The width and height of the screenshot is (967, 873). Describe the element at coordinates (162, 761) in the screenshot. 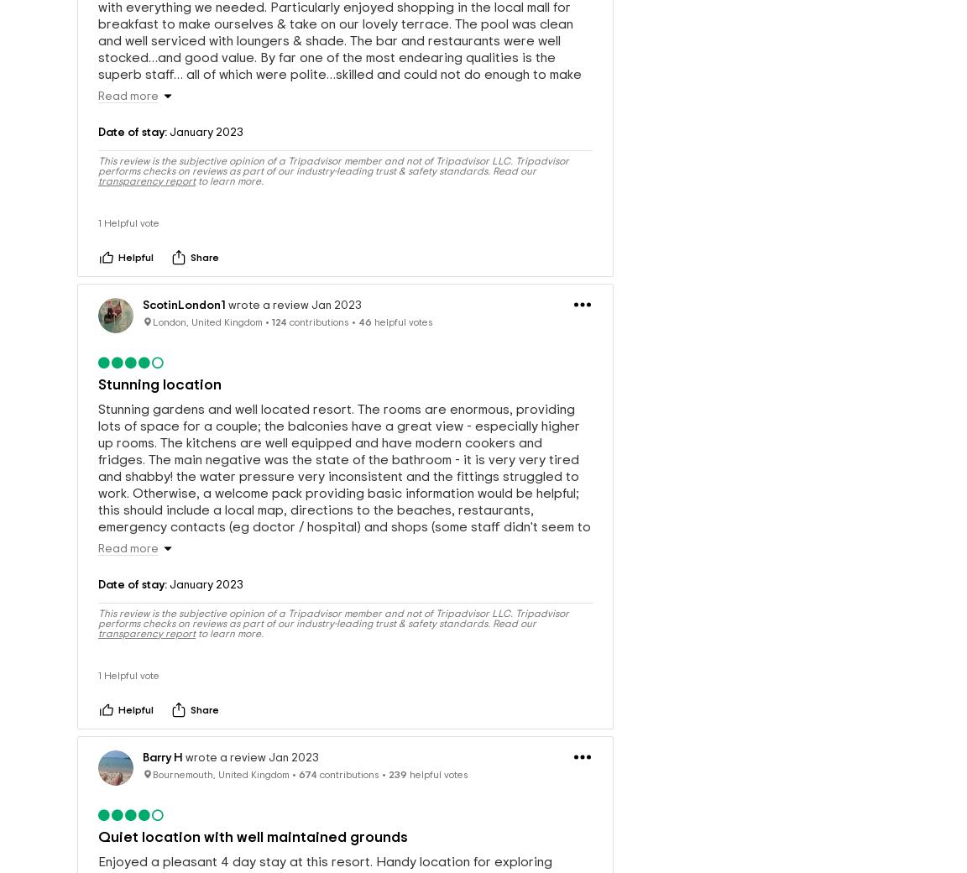

I see `'Barry H'` at that location.